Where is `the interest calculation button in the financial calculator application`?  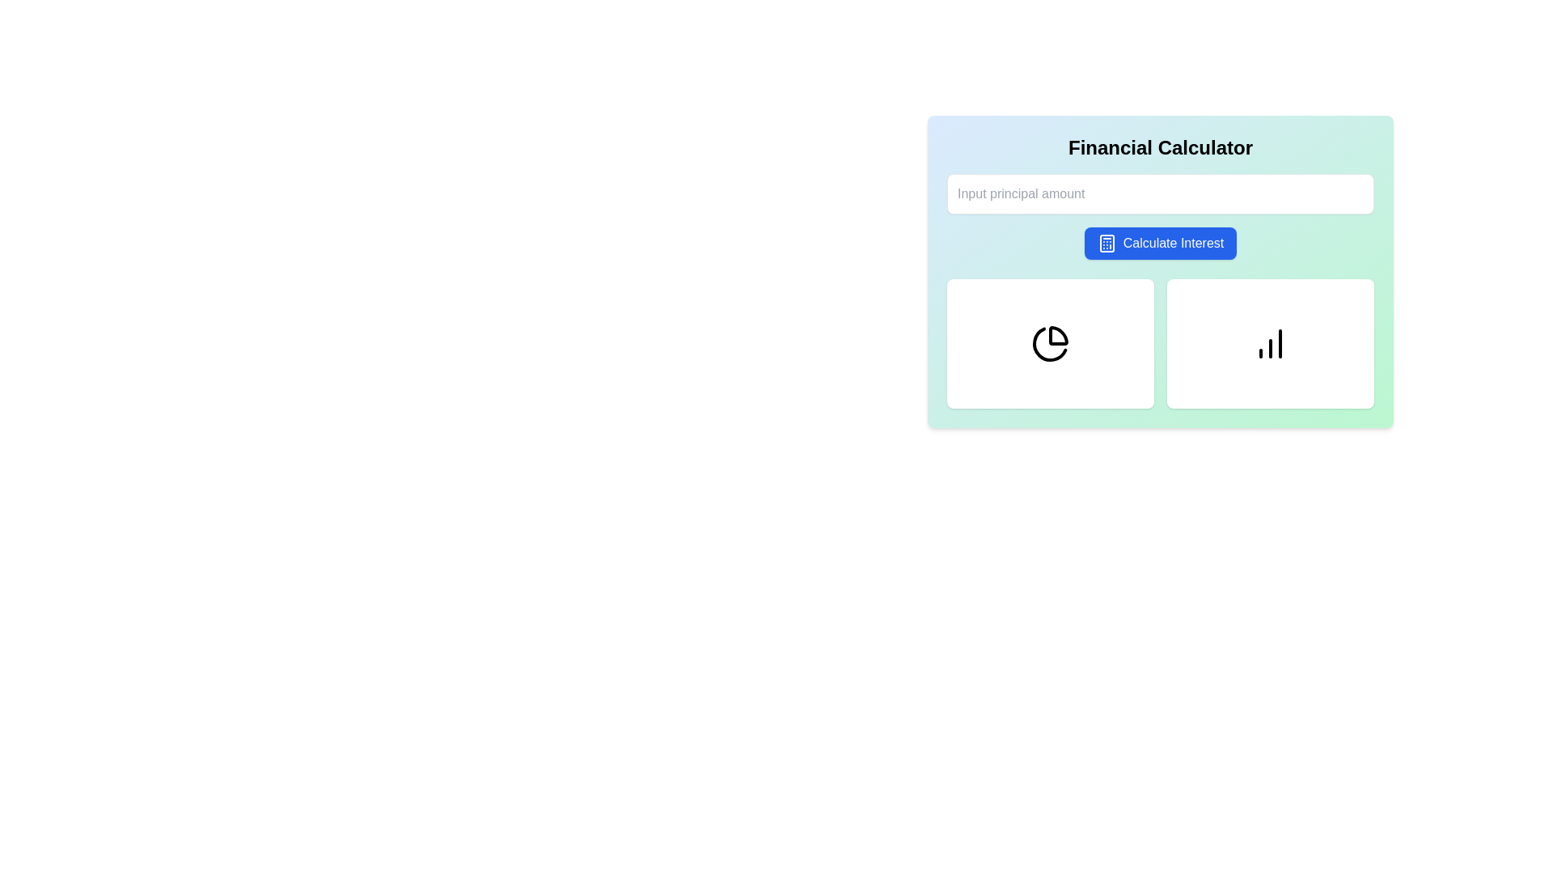
the interest calculation button in the financial calculator application is located at coordinates (1160, 243).